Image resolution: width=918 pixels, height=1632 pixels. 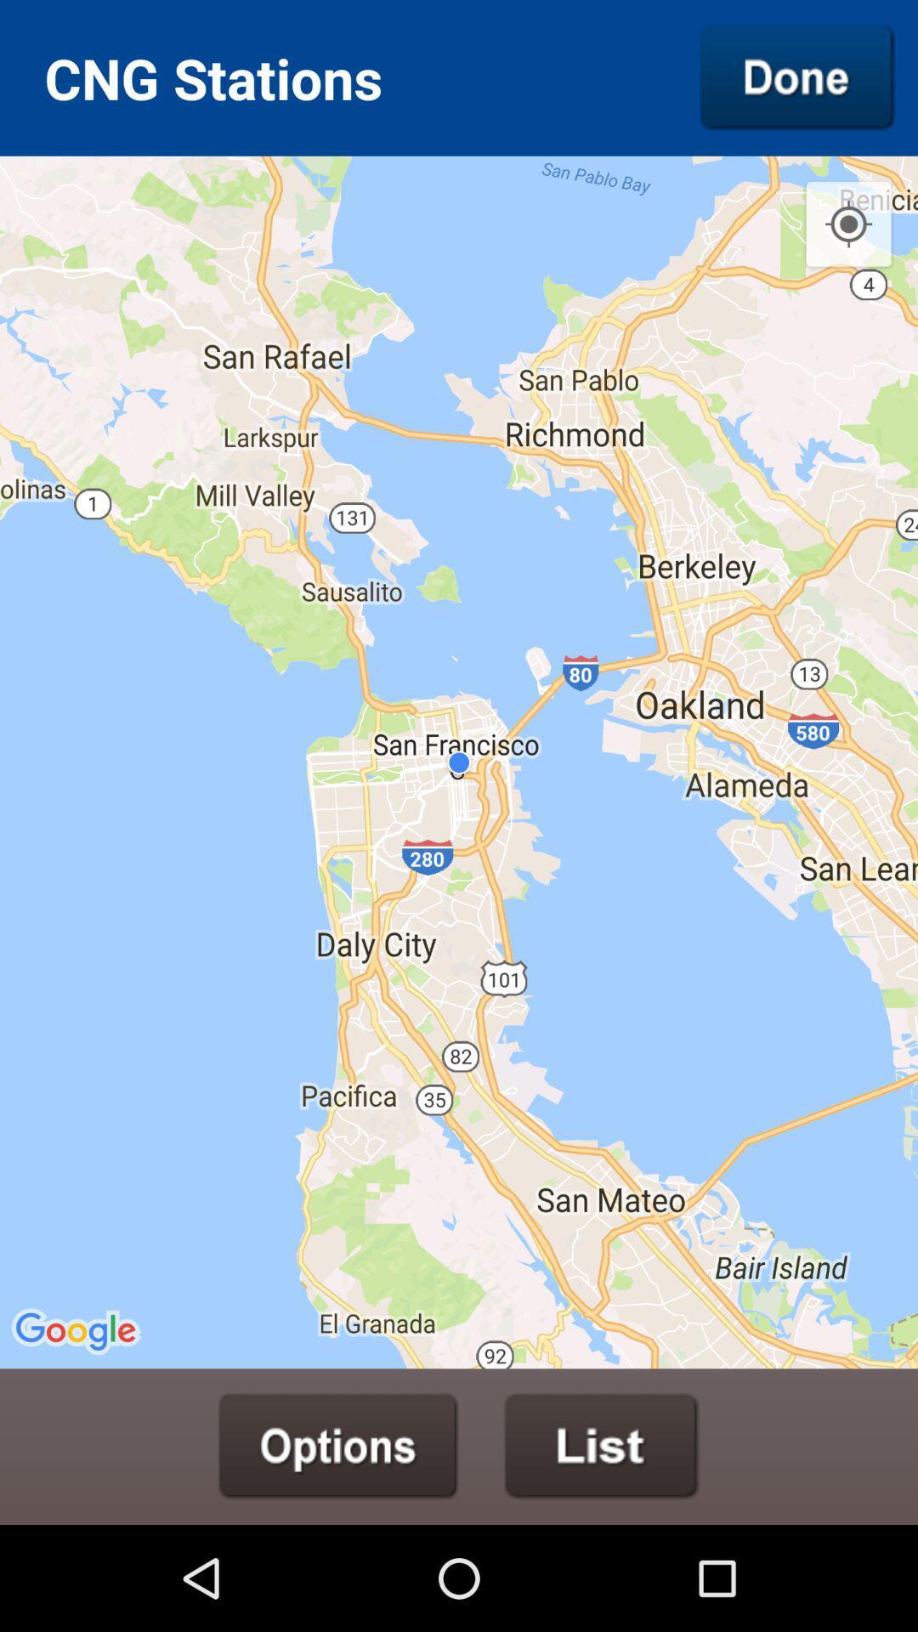 What do you see at coordinates (601, 1445) in the screenshot?
I see `the list` at bounding box center [601, 1445].